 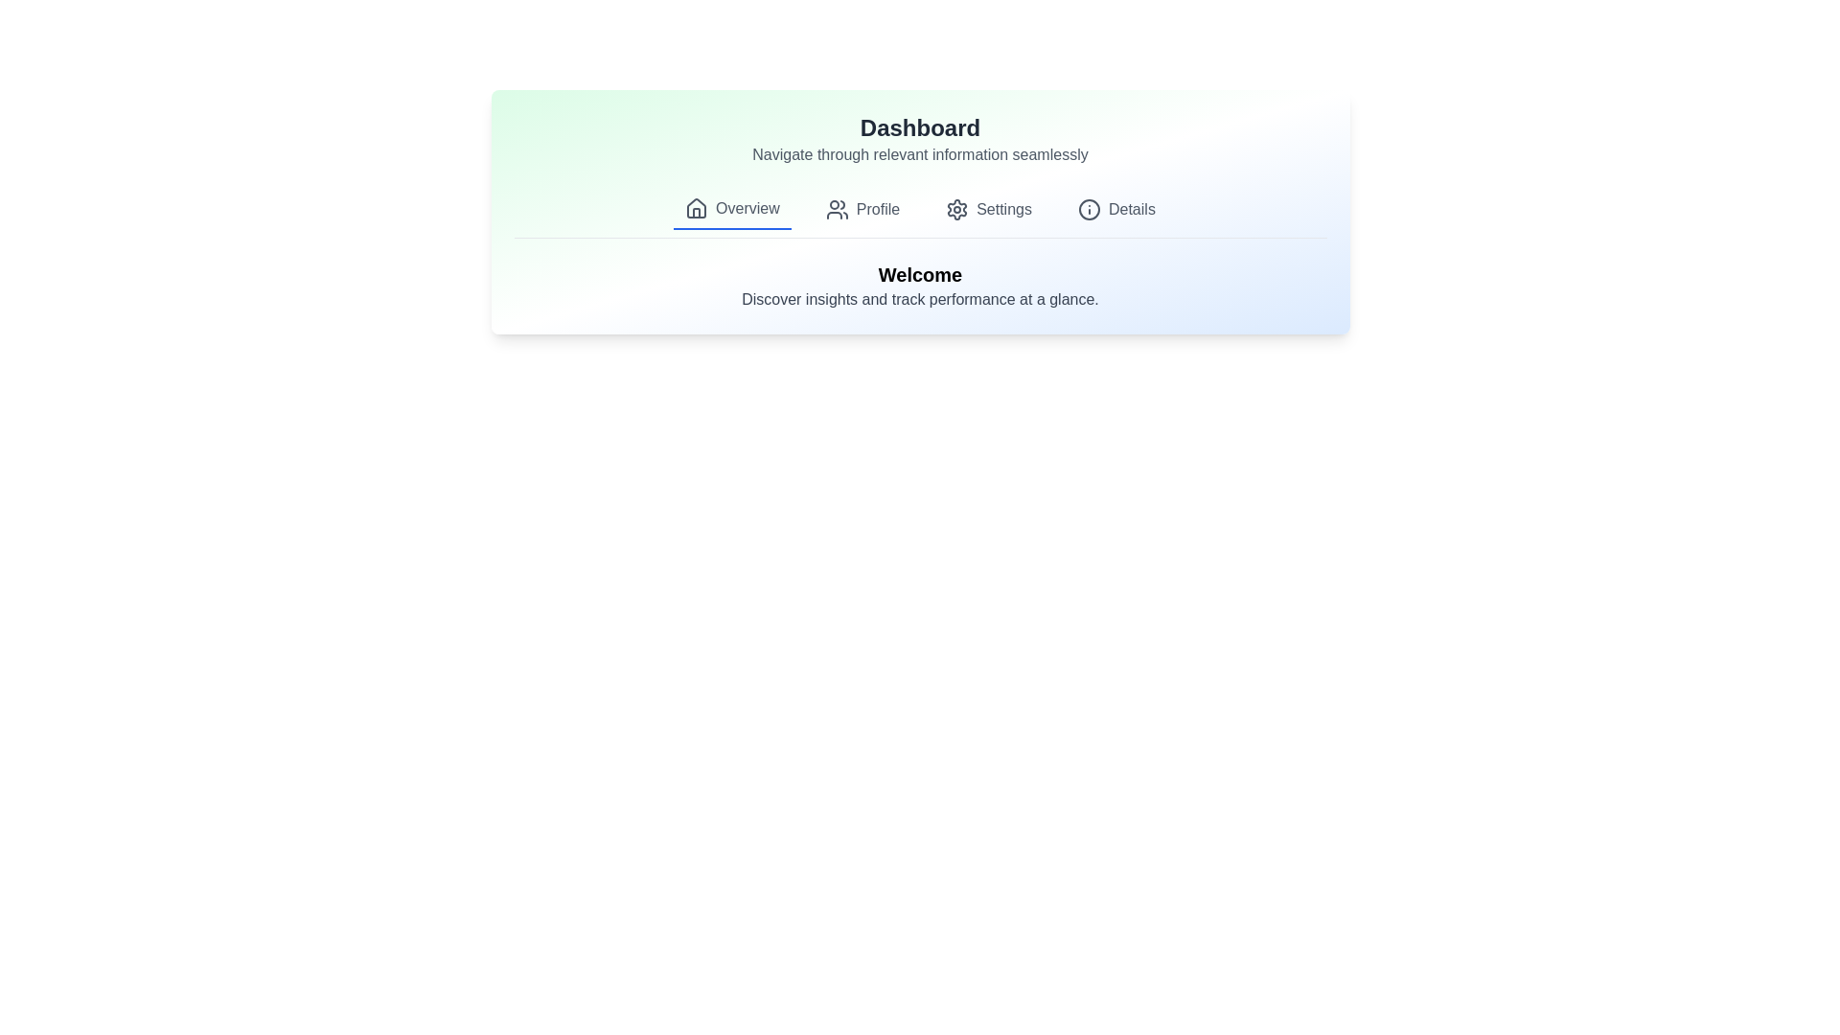 What do you see at coordinates (696, 213) in the screenshot?
I see `the vertical line representing the door within the house-like icon, which is positioned to the left of the 'Overview' text` at bounding box center [696, 213].